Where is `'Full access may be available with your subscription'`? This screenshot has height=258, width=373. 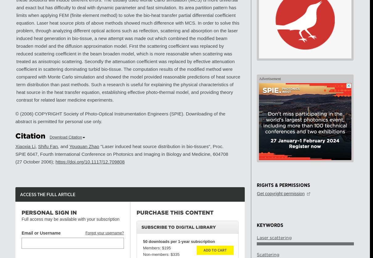
'Full access may be available with your subscription' is located at coordinates (21, 219).